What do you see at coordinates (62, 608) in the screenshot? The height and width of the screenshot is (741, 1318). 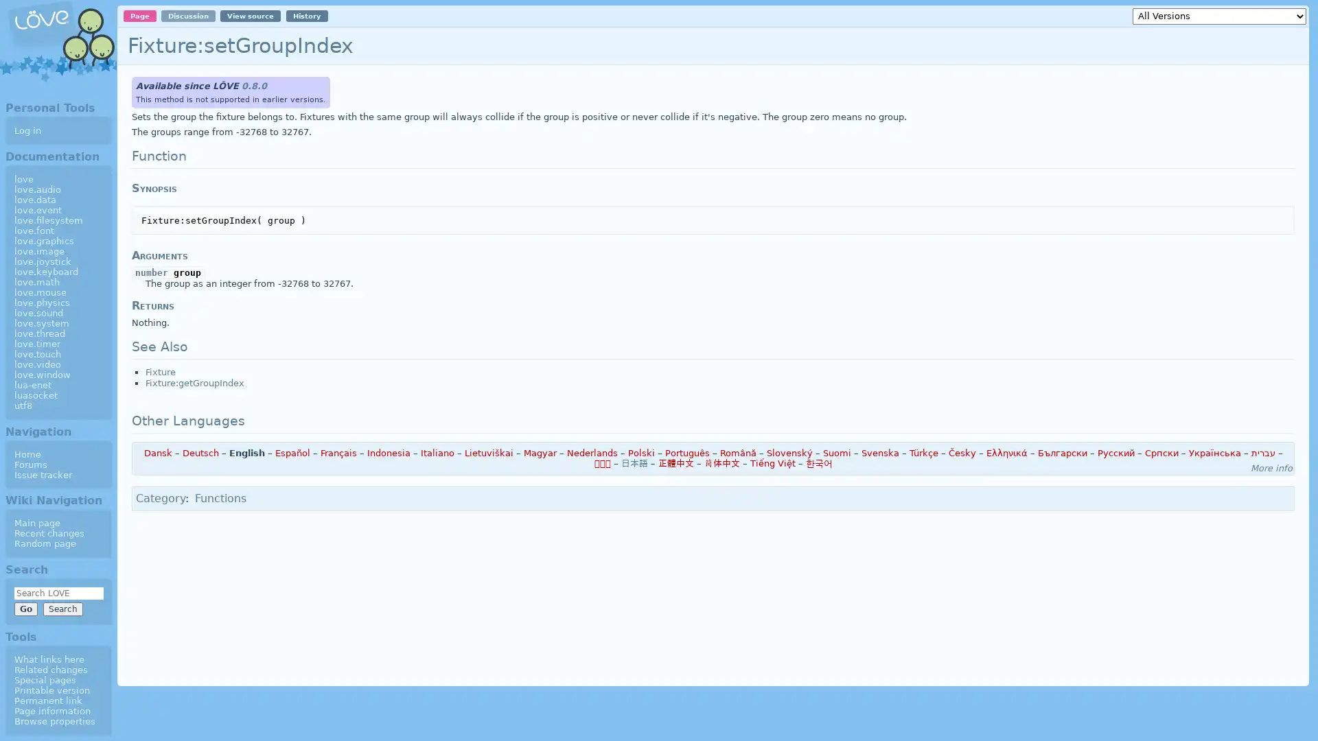 I see `Search` at bounding box center [62, 608].